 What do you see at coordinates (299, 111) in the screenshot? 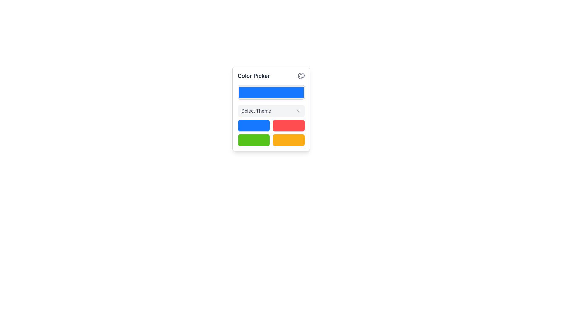
I see `the downwards-pointing chevron icon located on the right side of the 'Select Theme' button` at bounding box center [299, 111].